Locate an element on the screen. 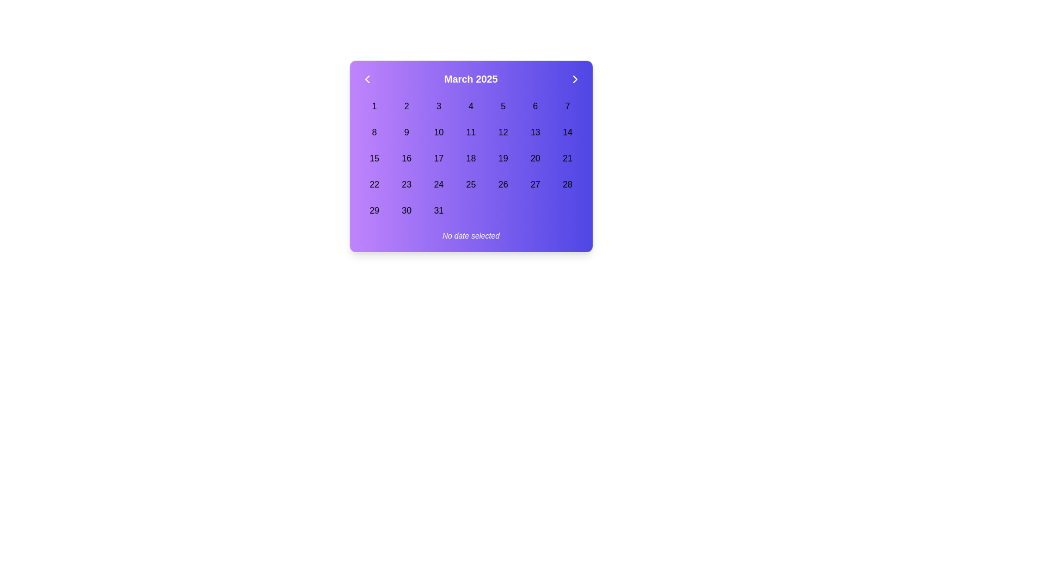 The height and width of the screenshot is (587, 1045). the rightward-facing chevron icon in the calendar header bar is located at coordinates (574, 79).